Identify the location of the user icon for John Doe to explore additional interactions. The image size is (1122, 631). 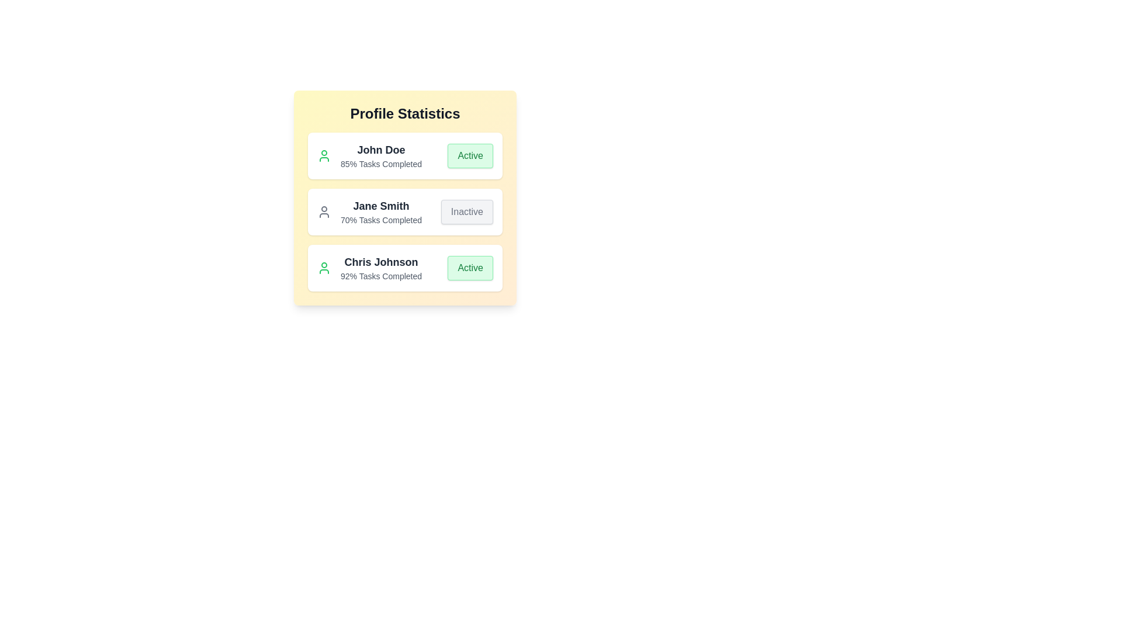
(324, 155).